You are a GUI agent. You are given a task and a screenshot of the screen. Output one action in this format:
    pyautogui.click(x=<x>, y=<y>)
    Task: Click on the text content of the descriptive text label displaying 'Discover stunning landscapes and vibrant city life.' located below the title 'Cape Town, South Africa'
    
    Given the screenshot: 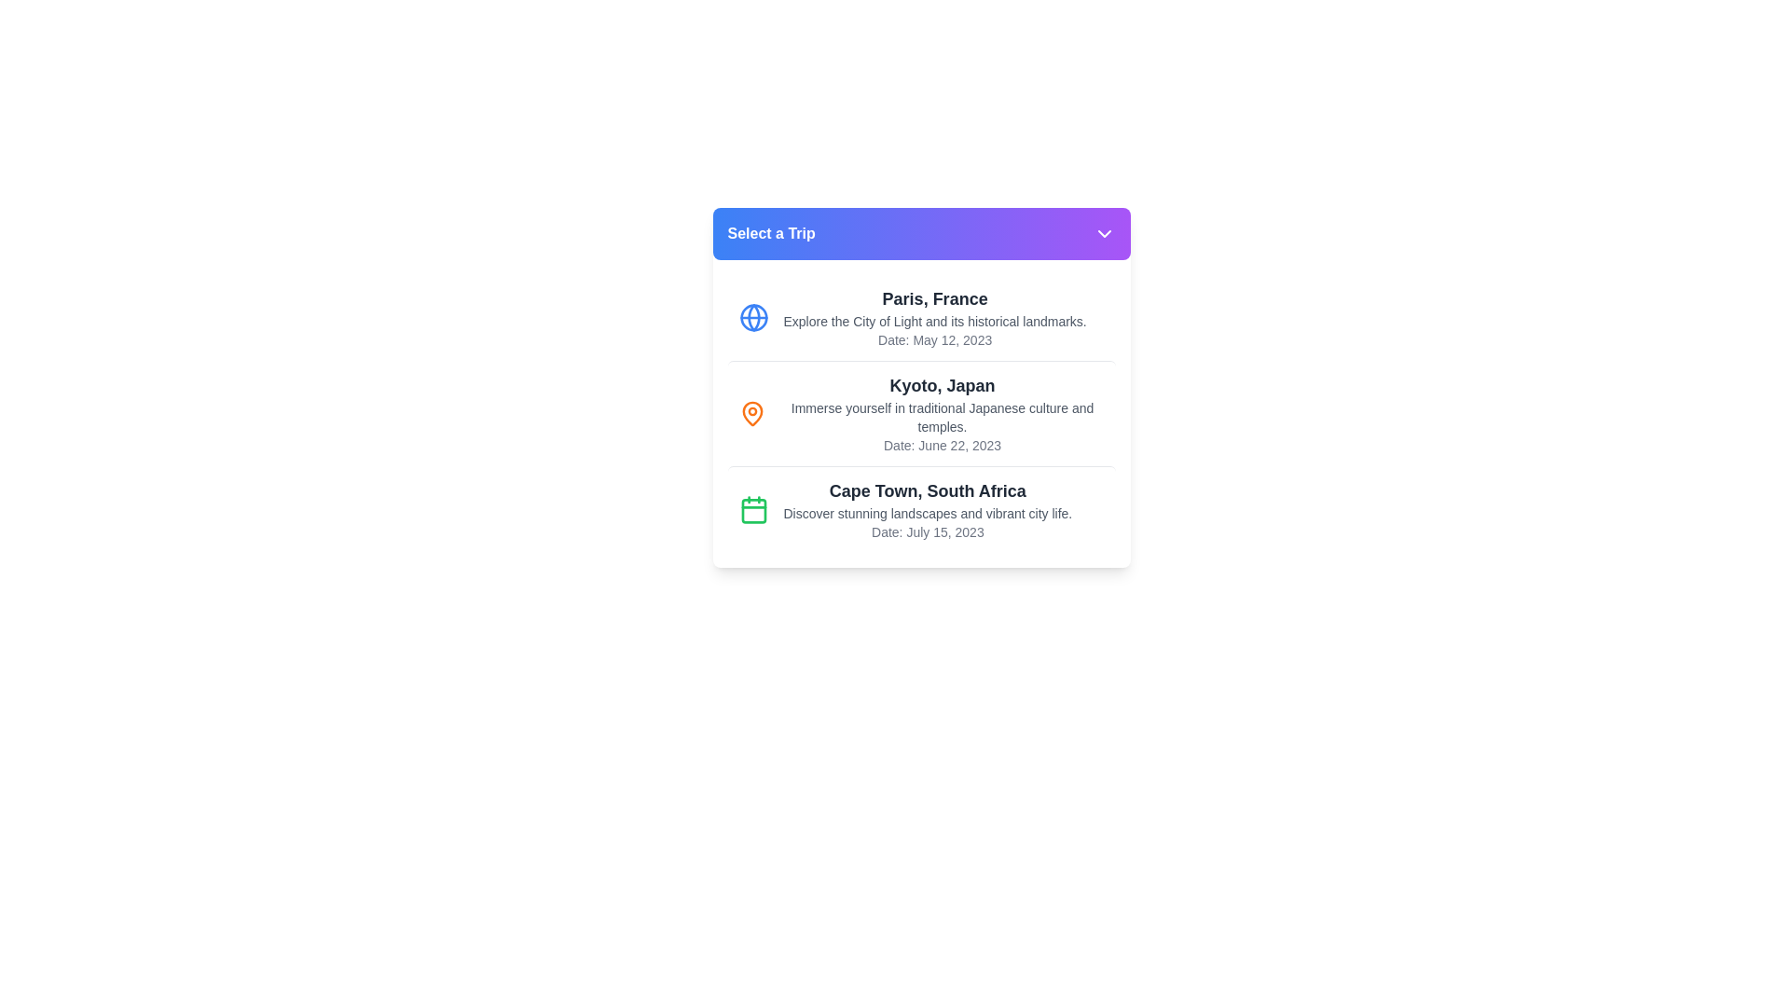 What is the action you would take?
    pyautogui.click(x=928, y=514)
    